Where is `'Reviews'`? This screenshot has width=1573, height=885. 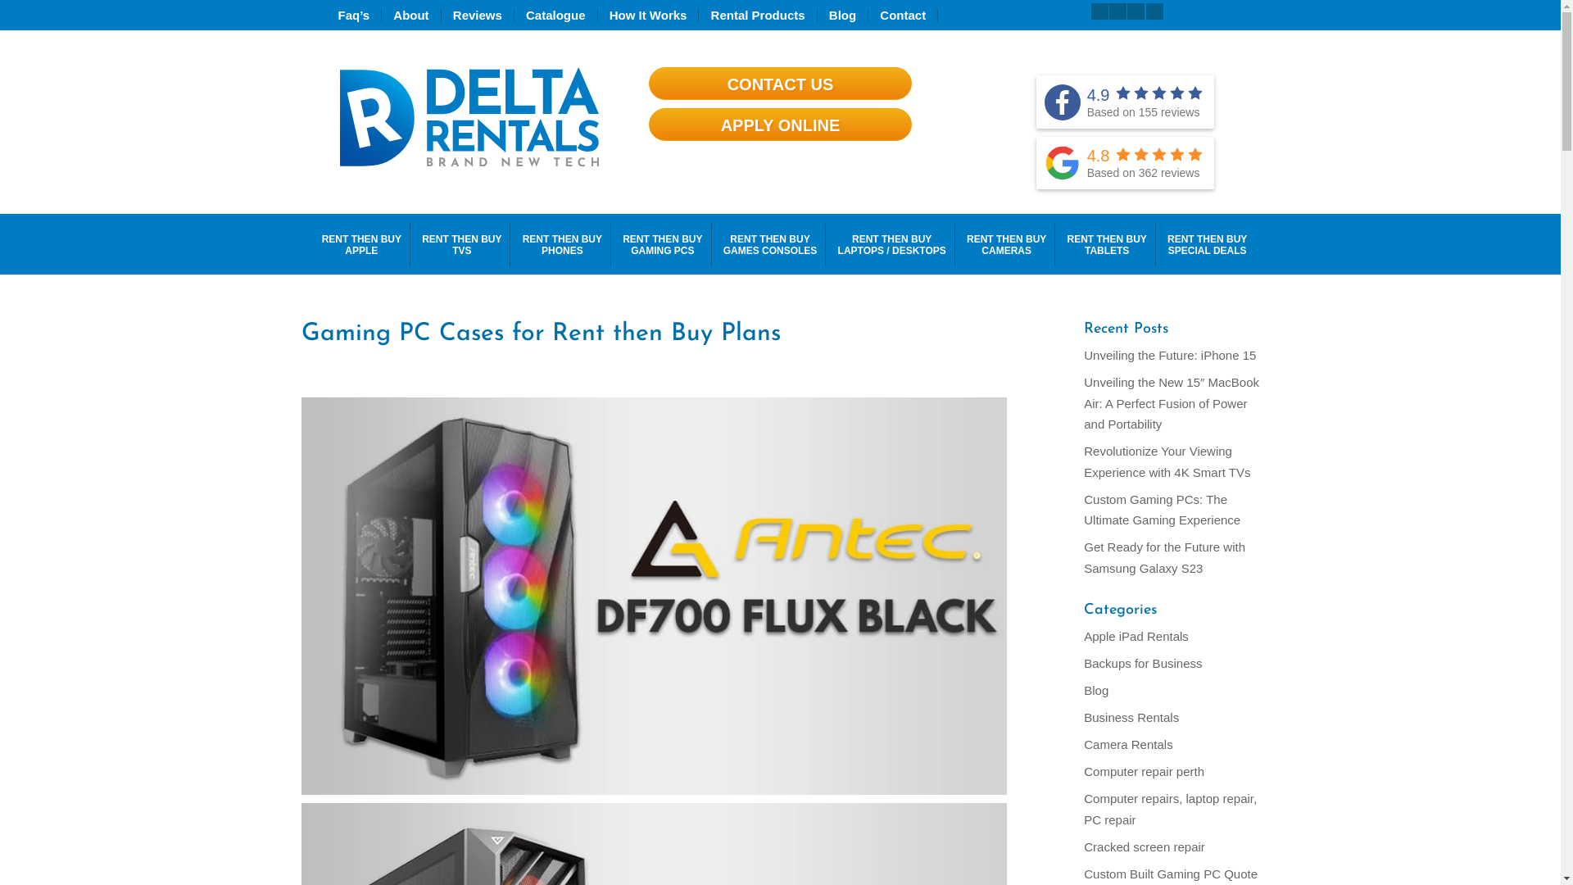
'Reviews' is located at coordinates (452, 16).